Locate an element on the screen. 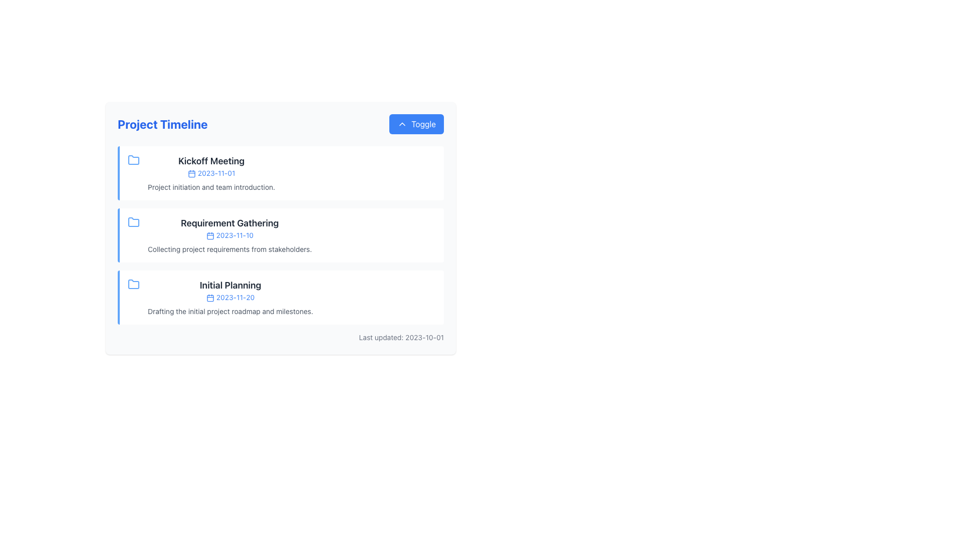  the interactive sections of the Structured timeline display located within the 'Project Timeline' card is located at coordinates (281, 235).